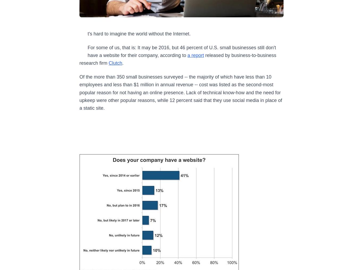 The image size is (363, 270). What do you see at coordinates (61, 224) in the screenshot?
I see `'Sign up for our free Daily newsletter'` at bounding box center [61, 224].